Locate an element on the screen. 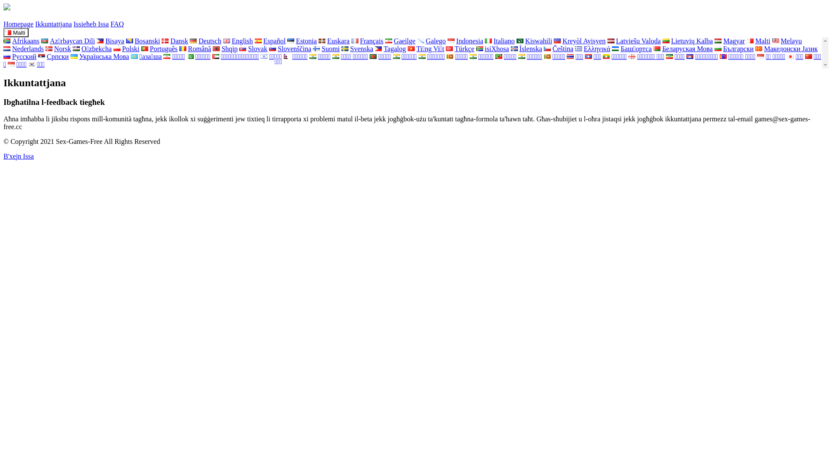 Image resolution: width=832 pixels, height=468 pixels. 'Deutsch' is located at coordinates (189, 41).